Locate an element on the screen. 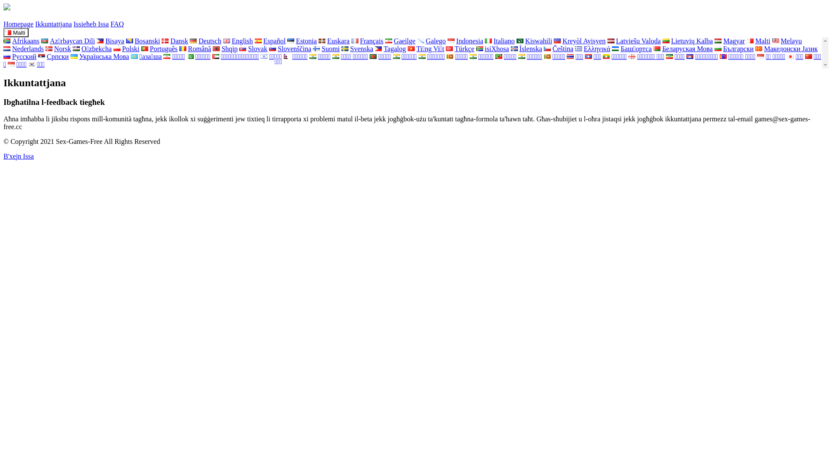 Image resolution: width=832 pixels, height=468 pixels. 'Deutsch' is located at coordinates (189, 41).